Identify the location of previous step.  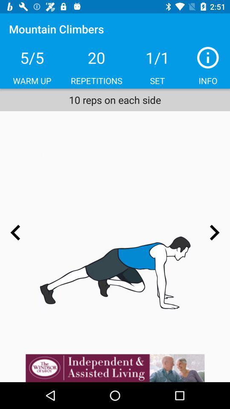
(15, 233).